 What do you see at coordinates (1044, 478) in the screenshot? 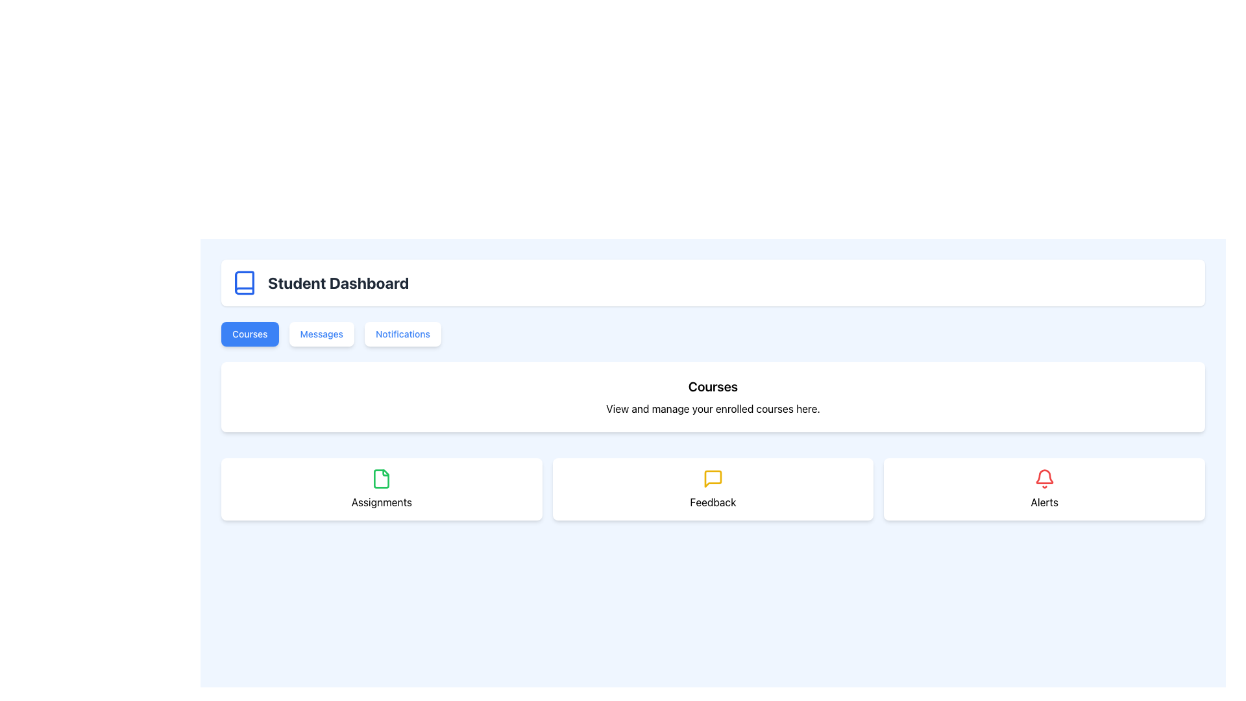
I see `the alert icon located at the top center of the 'Alerts' card in the bottom-right section of the grid` at bounding box center [1044, 478].